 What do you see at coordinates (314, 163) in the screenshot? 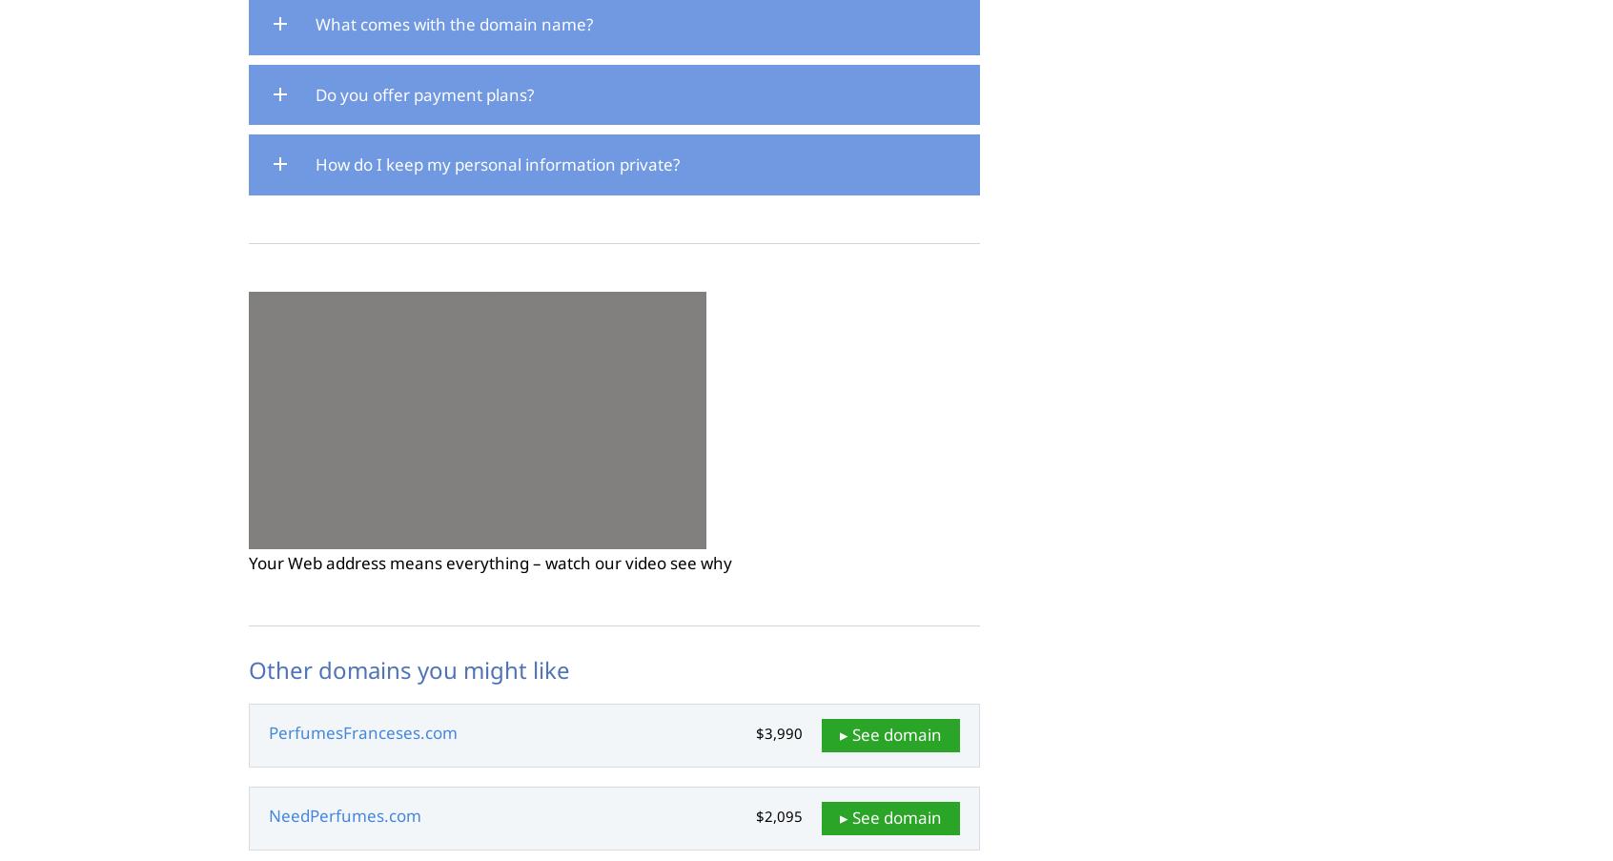
I see `'How do I keep my personal information private?'` at bounding box center [314, 163].